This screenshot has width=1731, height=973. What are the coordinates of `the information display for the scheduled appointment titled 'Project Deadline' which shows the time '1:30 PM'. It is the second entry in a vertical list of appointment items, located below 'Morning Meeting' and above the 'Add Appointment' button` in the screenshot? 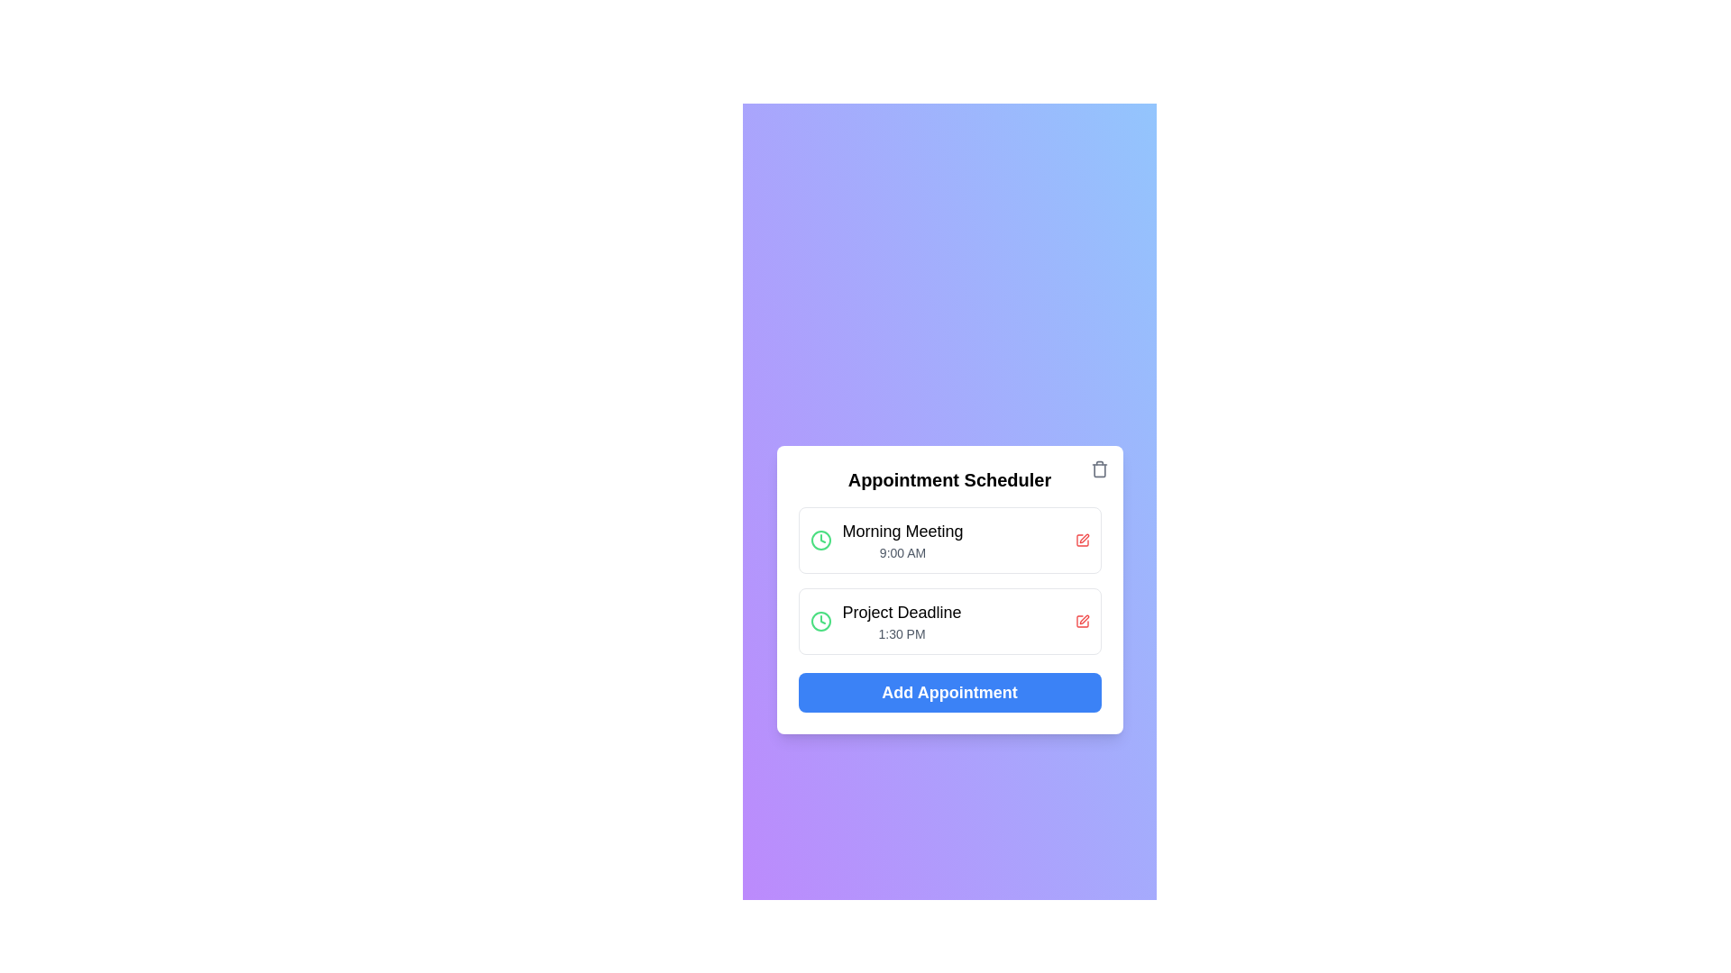 It's located at (885, 621).